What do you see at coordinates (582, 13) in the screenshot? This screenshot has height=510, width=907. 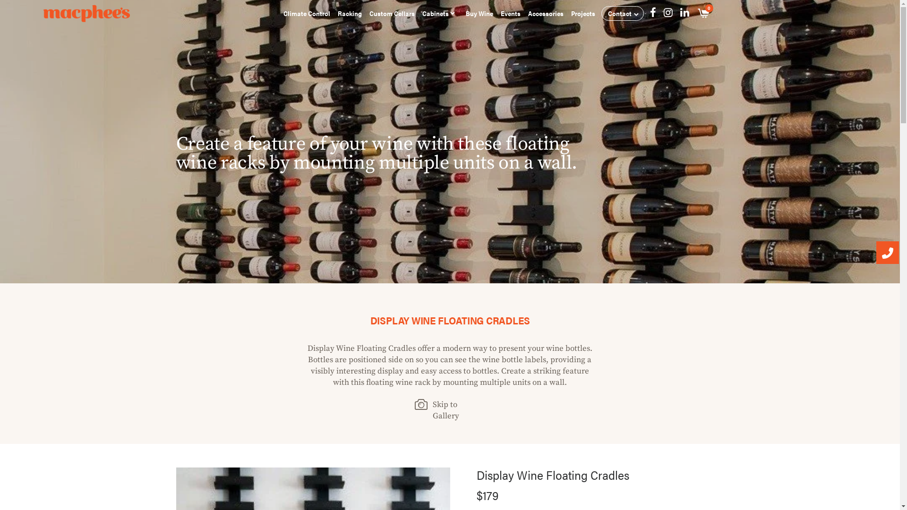 I see `'Projects'` at bounding box center [582, 13].